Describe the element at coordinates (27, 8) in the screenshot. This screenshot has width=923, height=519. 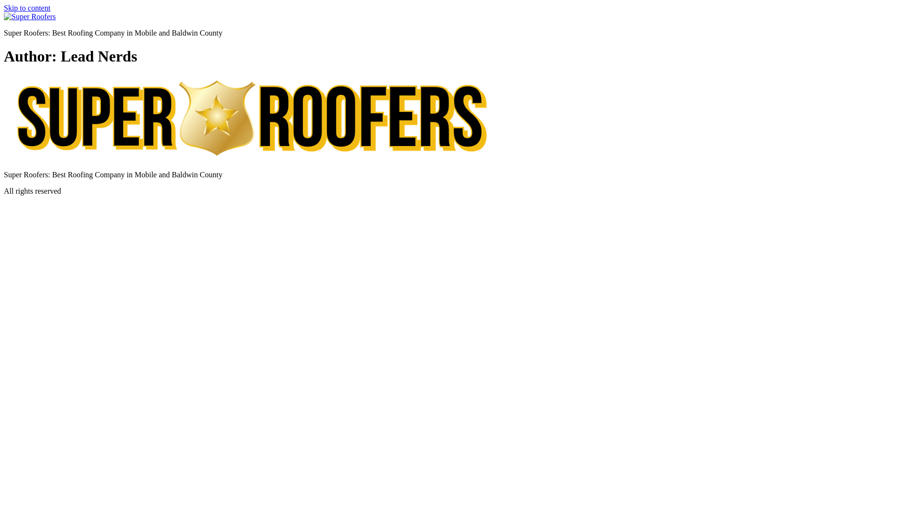
I see `'Skip to content'` at that location.